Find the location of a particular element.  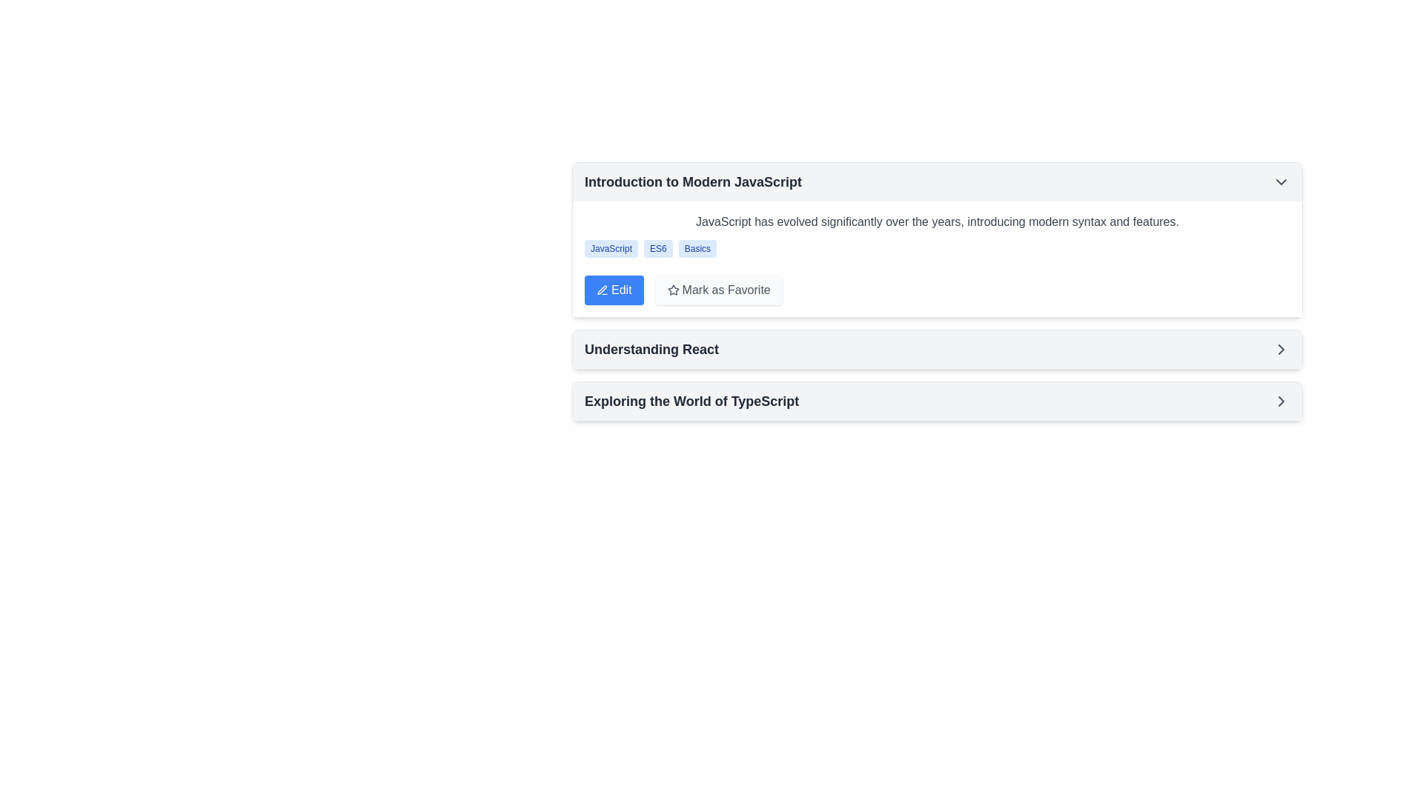

the gray chevron icon on the far right of the 'Exploring the World of TypeScript' section is located at coordinates (1280, 401).